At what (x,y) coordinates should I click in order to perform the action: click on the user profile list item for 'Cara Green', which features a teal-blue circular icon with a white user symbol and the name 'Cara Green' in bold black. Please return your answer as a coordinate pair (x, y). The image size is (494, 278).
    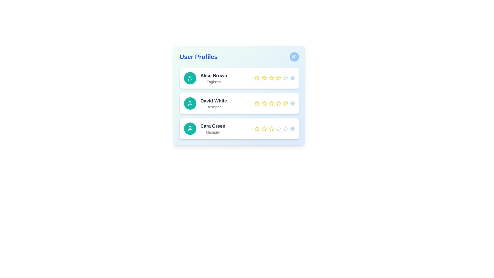
    Looking at the image, I should click on (204, 128).